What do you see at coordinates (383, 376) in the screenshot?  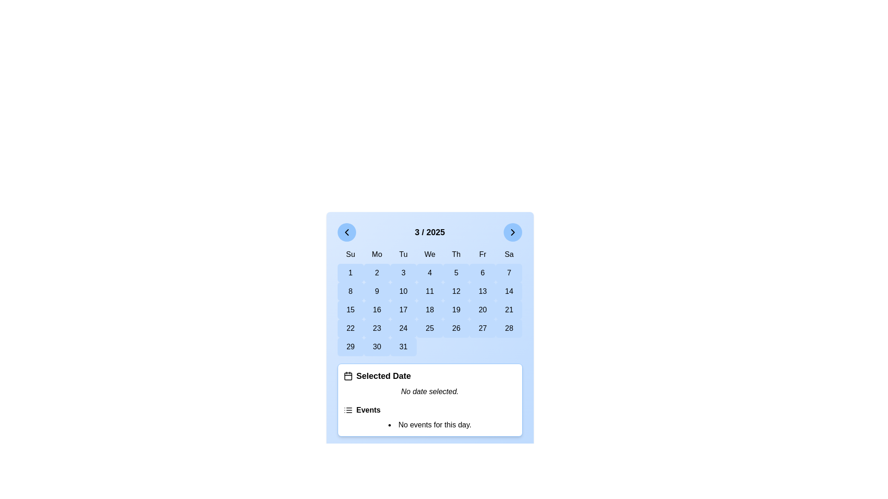 I see `the label indicating date selection status below the calendar, which provides context for the user regarding the selected date` at bounding box center [383, 376].